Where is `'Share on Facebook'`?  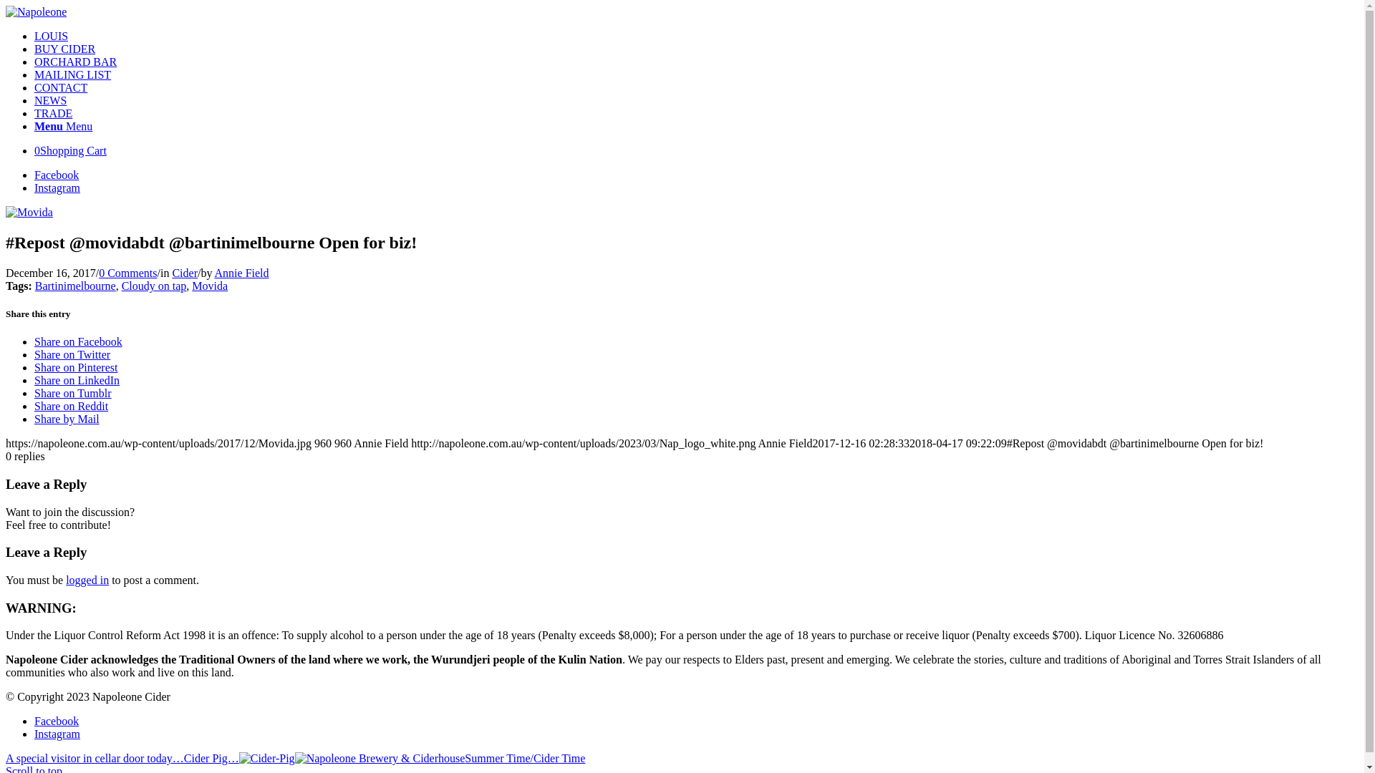
'Share on Facebook' is located at coordinates (77, 341).